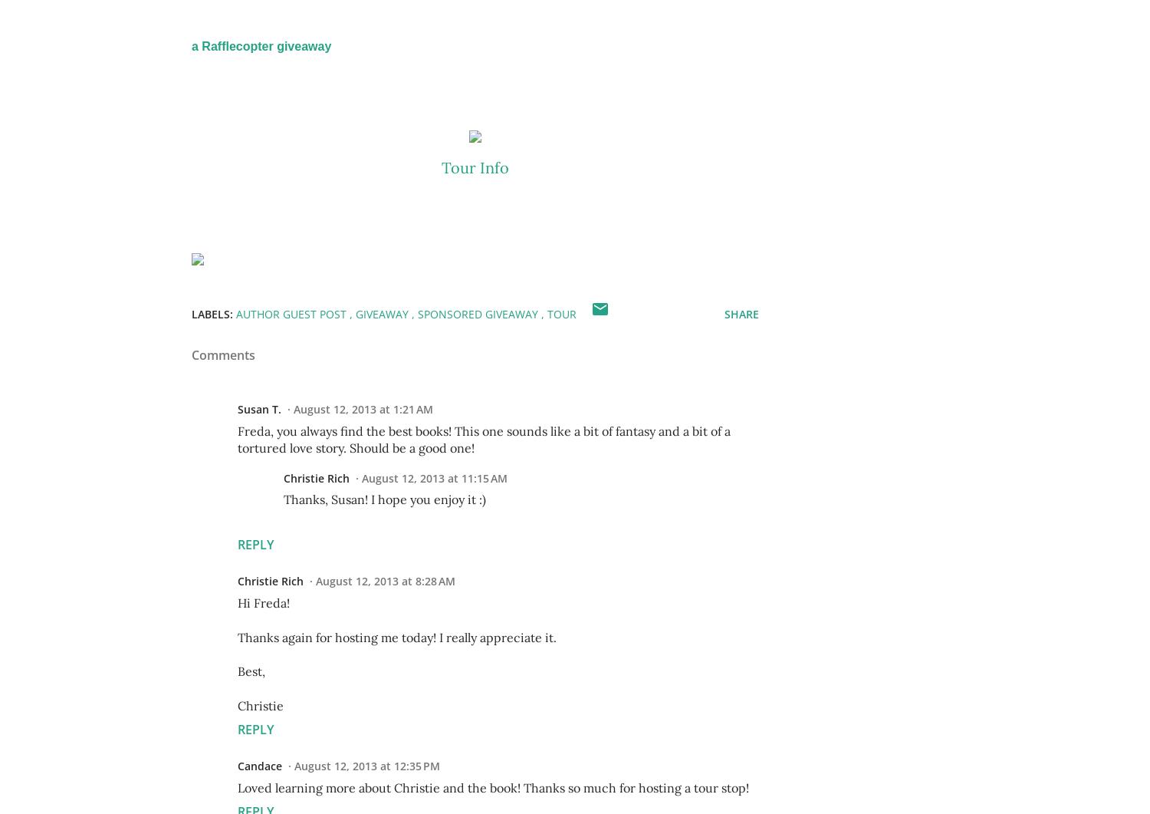  Describe the element at coordinates (363, 408) in the screenshot. I see `'August 12, 2013 at 1:21 AM'` at that location.